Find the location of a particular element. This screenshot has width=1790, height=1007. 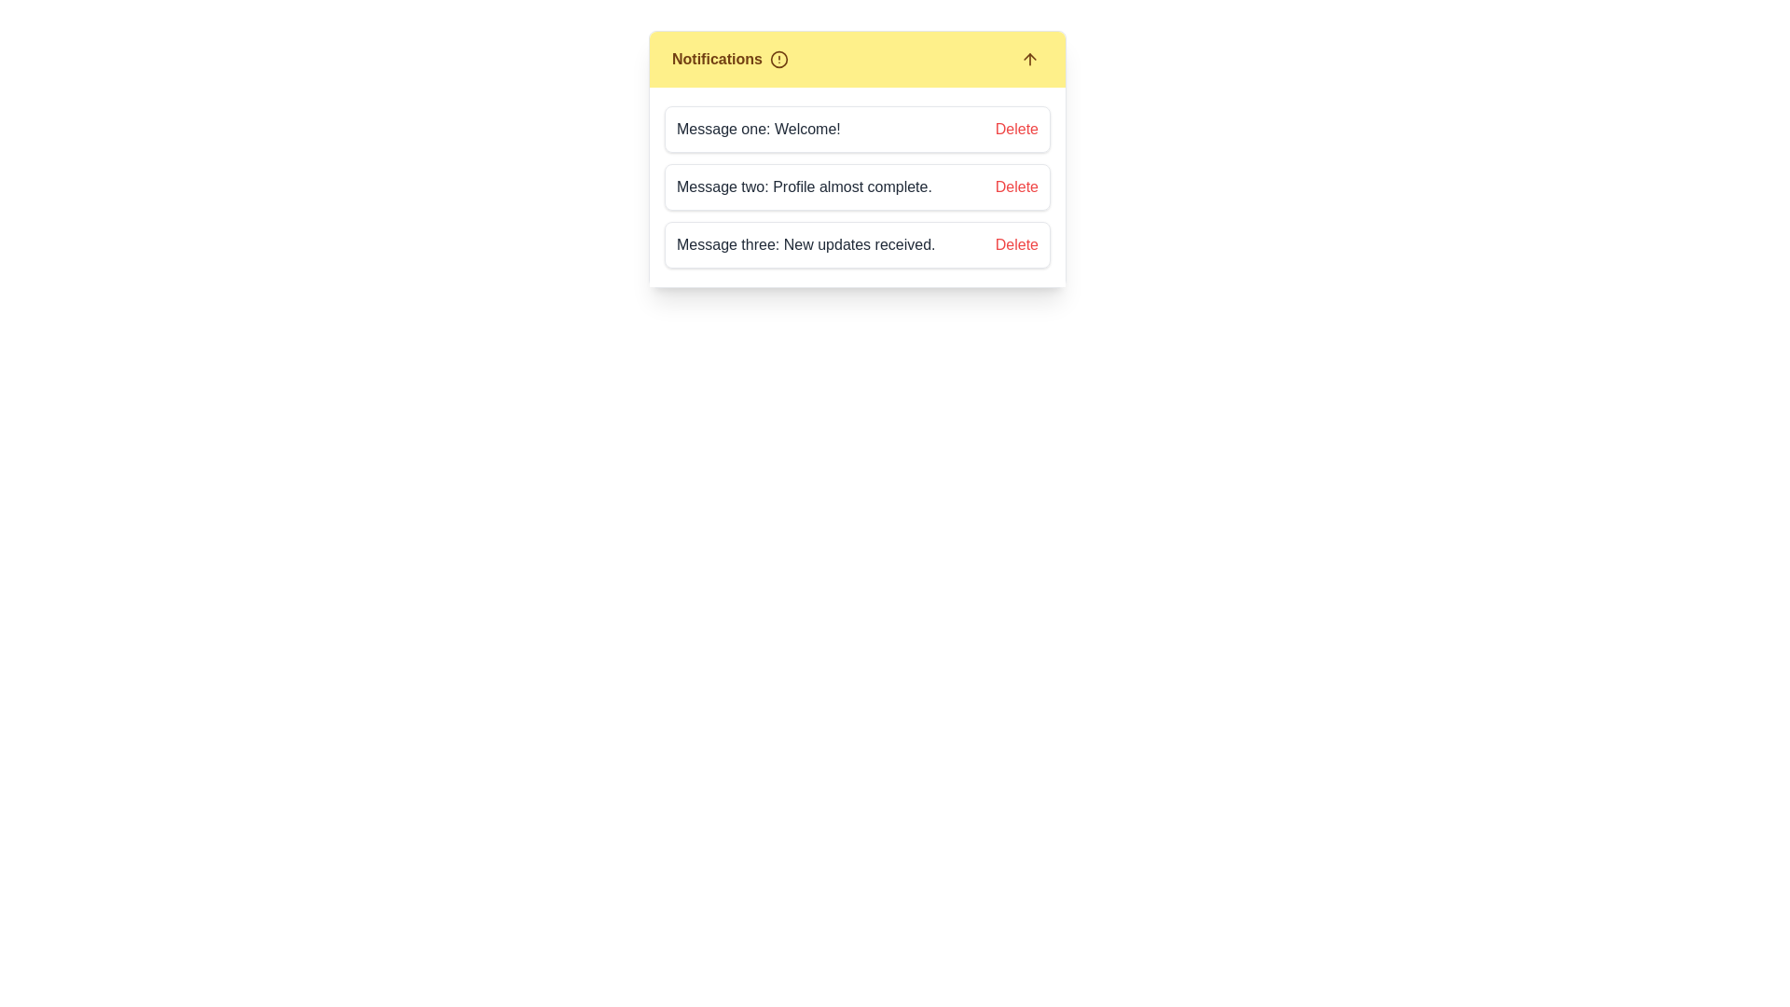

the 'Notifications' text label, which is bold and has a dark brown color on a yellow background, located at the top-left corner of the notification dropdown is located at coordinates (729, 59).